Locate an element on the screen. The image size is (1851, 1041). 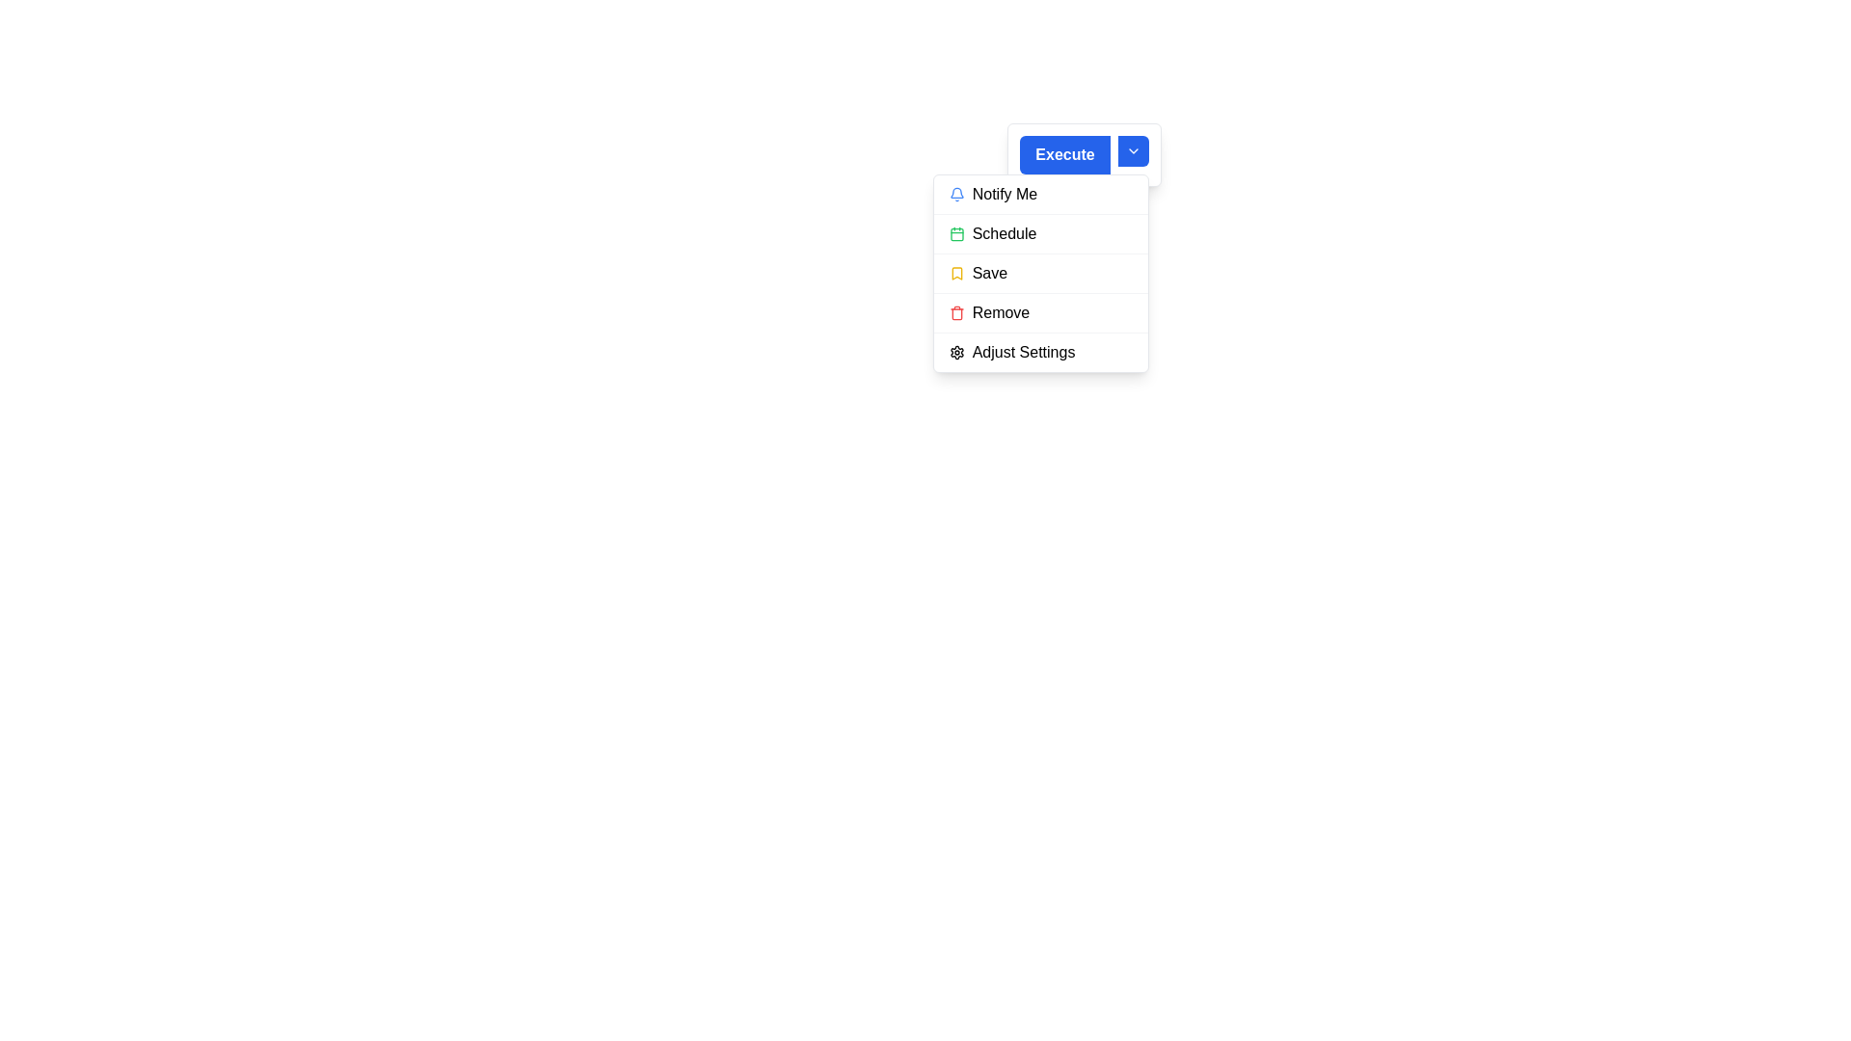
the blue notification bell icon located within the 'Notify Me' button is located at coordinates (956, 194).